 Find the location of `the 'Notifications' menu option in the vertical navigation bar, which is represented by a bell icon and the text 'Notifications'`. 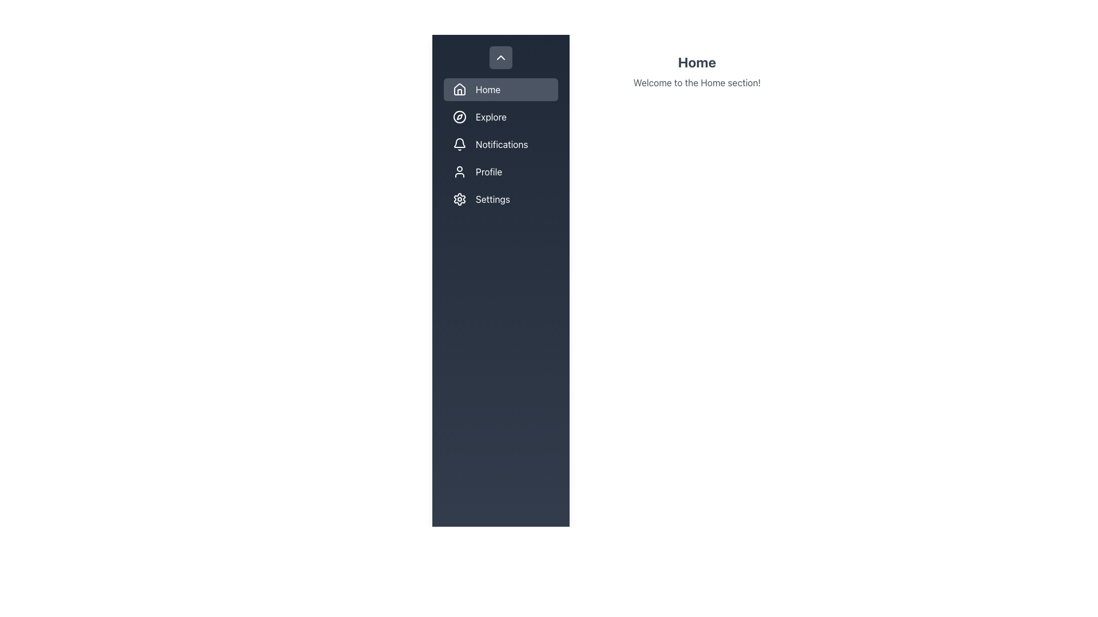

the 'Notifications' menu option in the vertical navigation bar, which is represented by a bell icon and the text 'Notifications' is located at coordinates (500, 144).